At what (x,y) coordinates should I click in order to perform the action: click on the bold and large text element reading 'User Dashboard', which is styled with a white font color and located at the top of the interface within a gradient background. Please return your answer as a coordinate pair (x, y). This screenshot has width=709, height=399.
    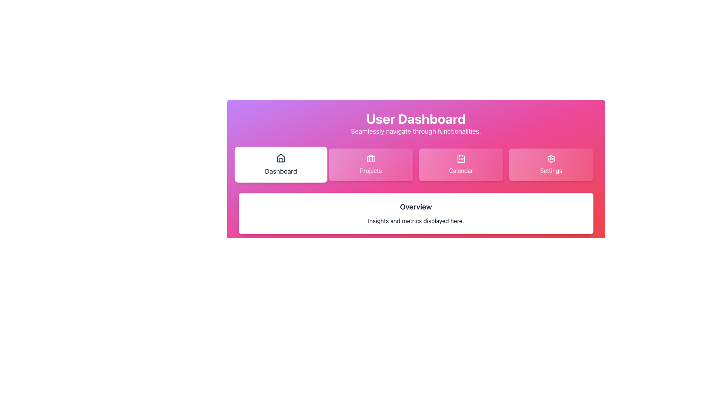
    Looking at the image, I should click on (416, 118).